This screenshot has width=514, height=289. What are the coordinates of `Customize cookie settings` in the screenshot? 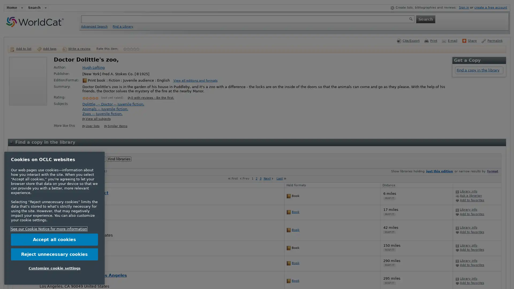 It's located at (54, 268).